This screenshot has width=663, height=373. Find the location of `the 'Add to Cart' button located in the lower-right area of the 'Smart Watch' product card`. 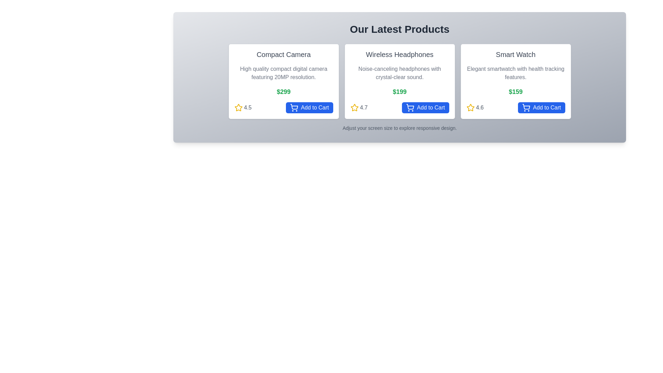

the 'Add to Cart' button located in the lower-right area of the 'Smart Watch' product card is located at coordinates (541, 108).